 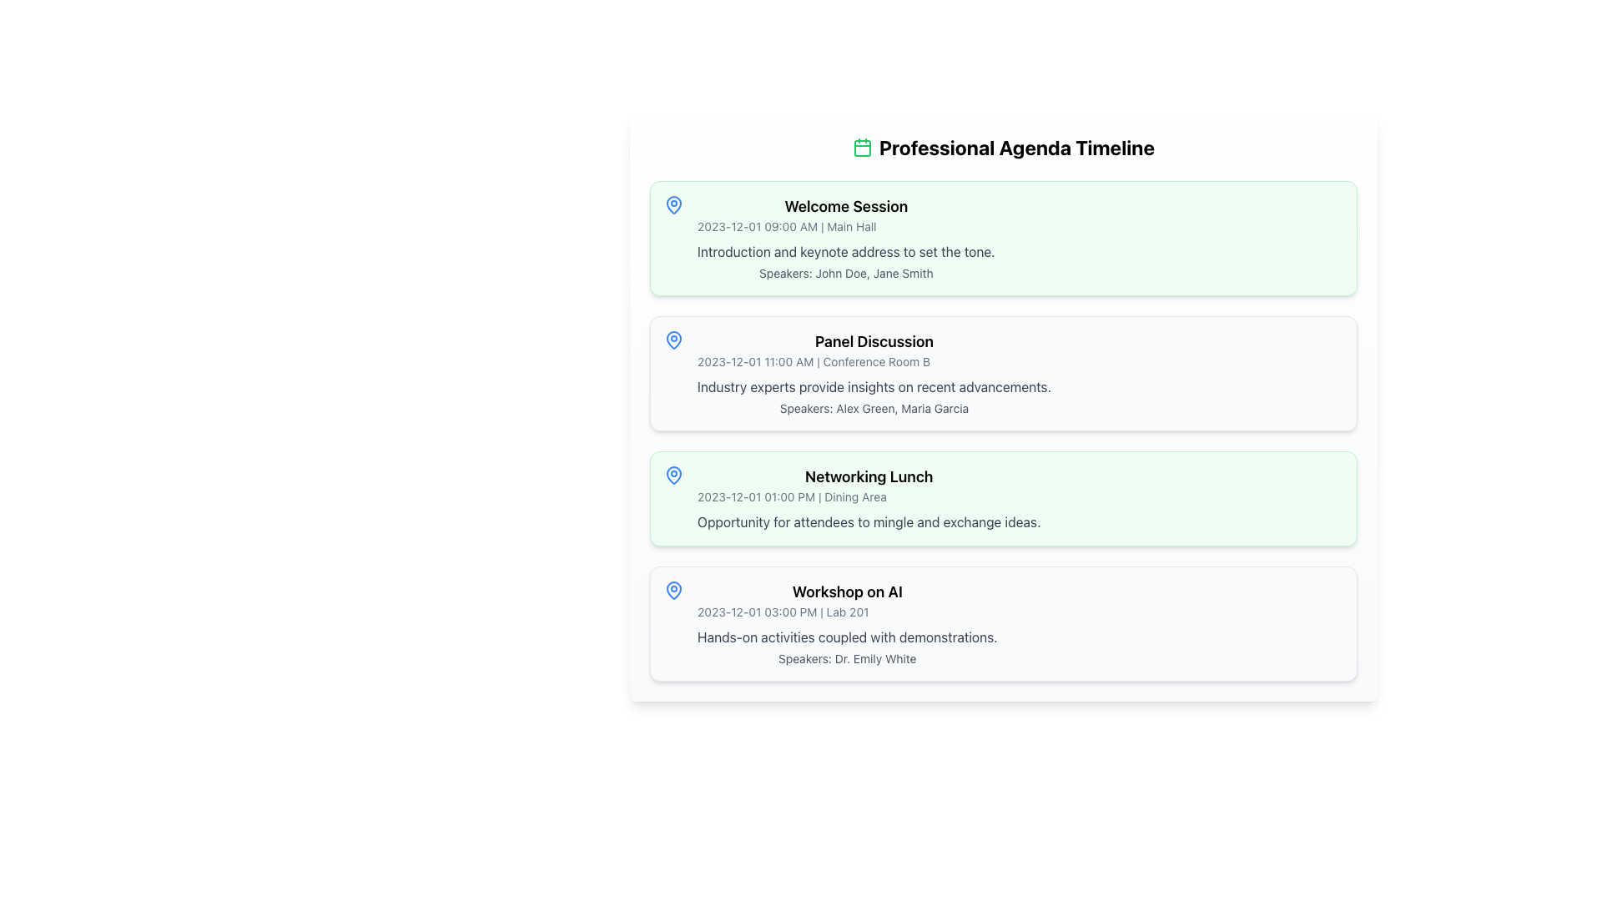 What do you see at coordinates (673, 204) in the screenshot?
I see `the blue map pin icon segment that is part of the vector graphic next to the 'Welcome Session' text in the first panel of the timeline` at bounding box center [673, 204].